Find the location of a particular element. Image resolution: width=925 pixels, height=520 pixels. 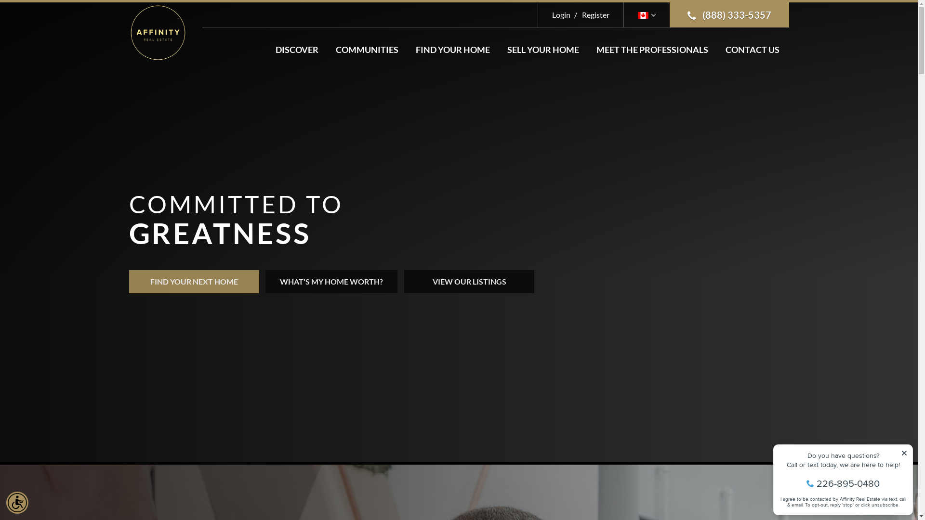

'FIND YOUR HOME' is located at coordinates (405, 50).